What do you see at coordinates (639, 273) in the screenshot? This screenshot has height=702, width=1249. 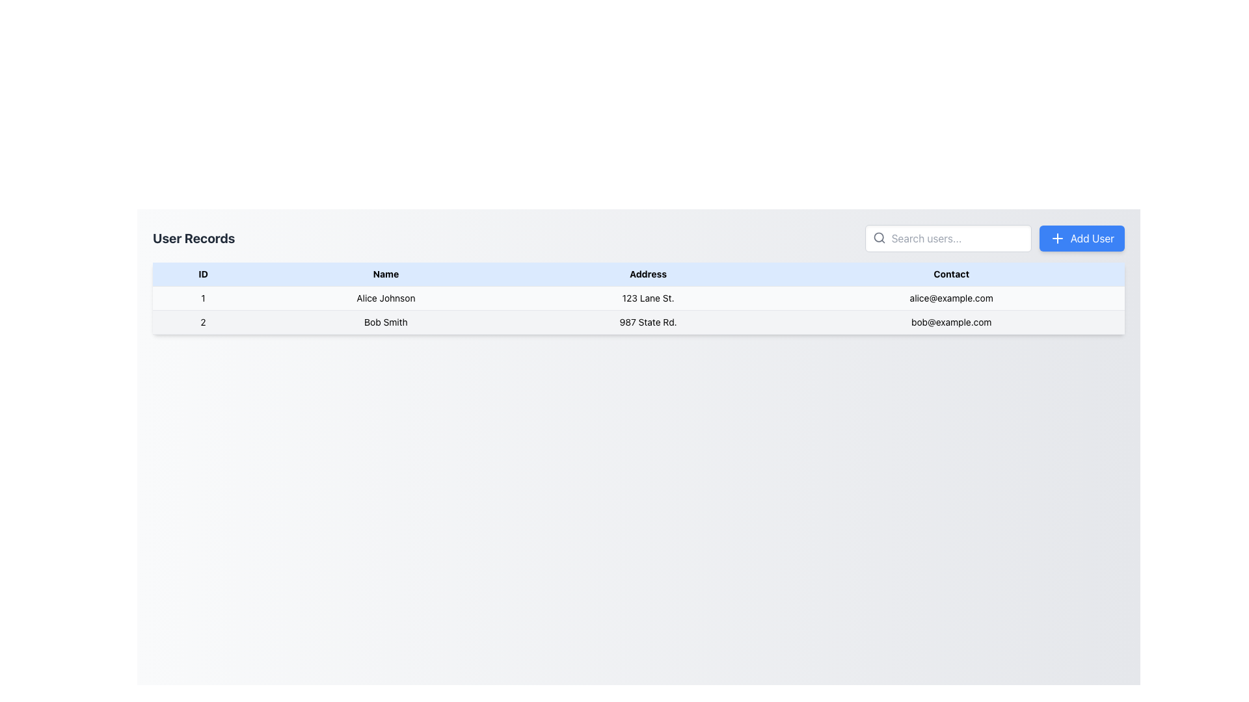 I see `text of each header in the header row located at the top of the tabular data interface spanning horizontally across the width of the table` at bounding box center [639, 273].